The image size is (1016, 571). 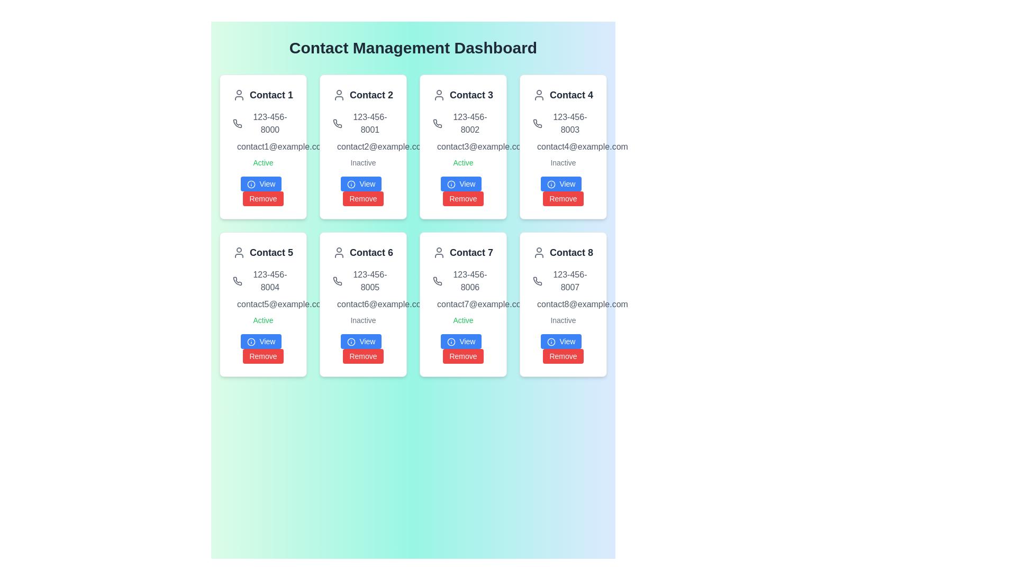 I want to click on the 'Remove' button located at the bottom of the card for 'Contact 2', so click(x=363, y=191).